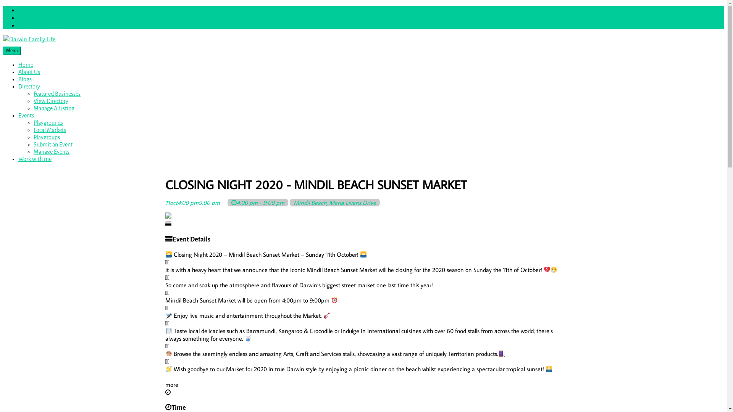 This screenshot has width=733, height=412. What do you see at coordinates (25, 79) in the screenshot?
I see `'Blogs'` at bounding box center [25, 79].